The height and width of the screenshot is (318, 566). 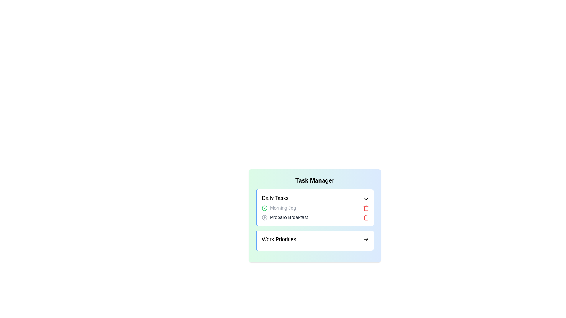 I want to click on the delete button for the task Morning Jog, so click(x=366, y=208).